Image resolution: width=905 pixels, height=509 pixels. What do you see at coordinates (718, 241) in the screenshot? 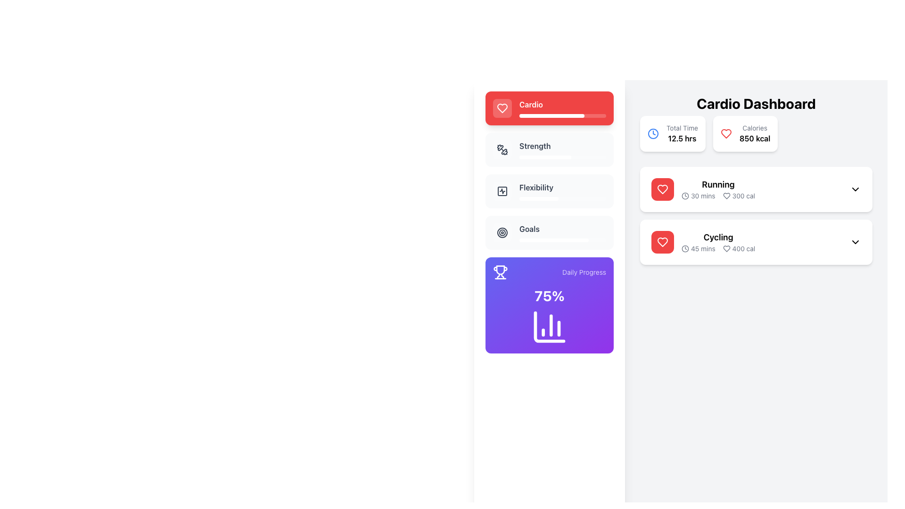
I see `the 'Cycling' text-based informational component, which is styled with bold text and includes subtext with icons for duration and calories, located in the 'Cardio Dashboard' under the second activity card` at bounding box center [718, 241].